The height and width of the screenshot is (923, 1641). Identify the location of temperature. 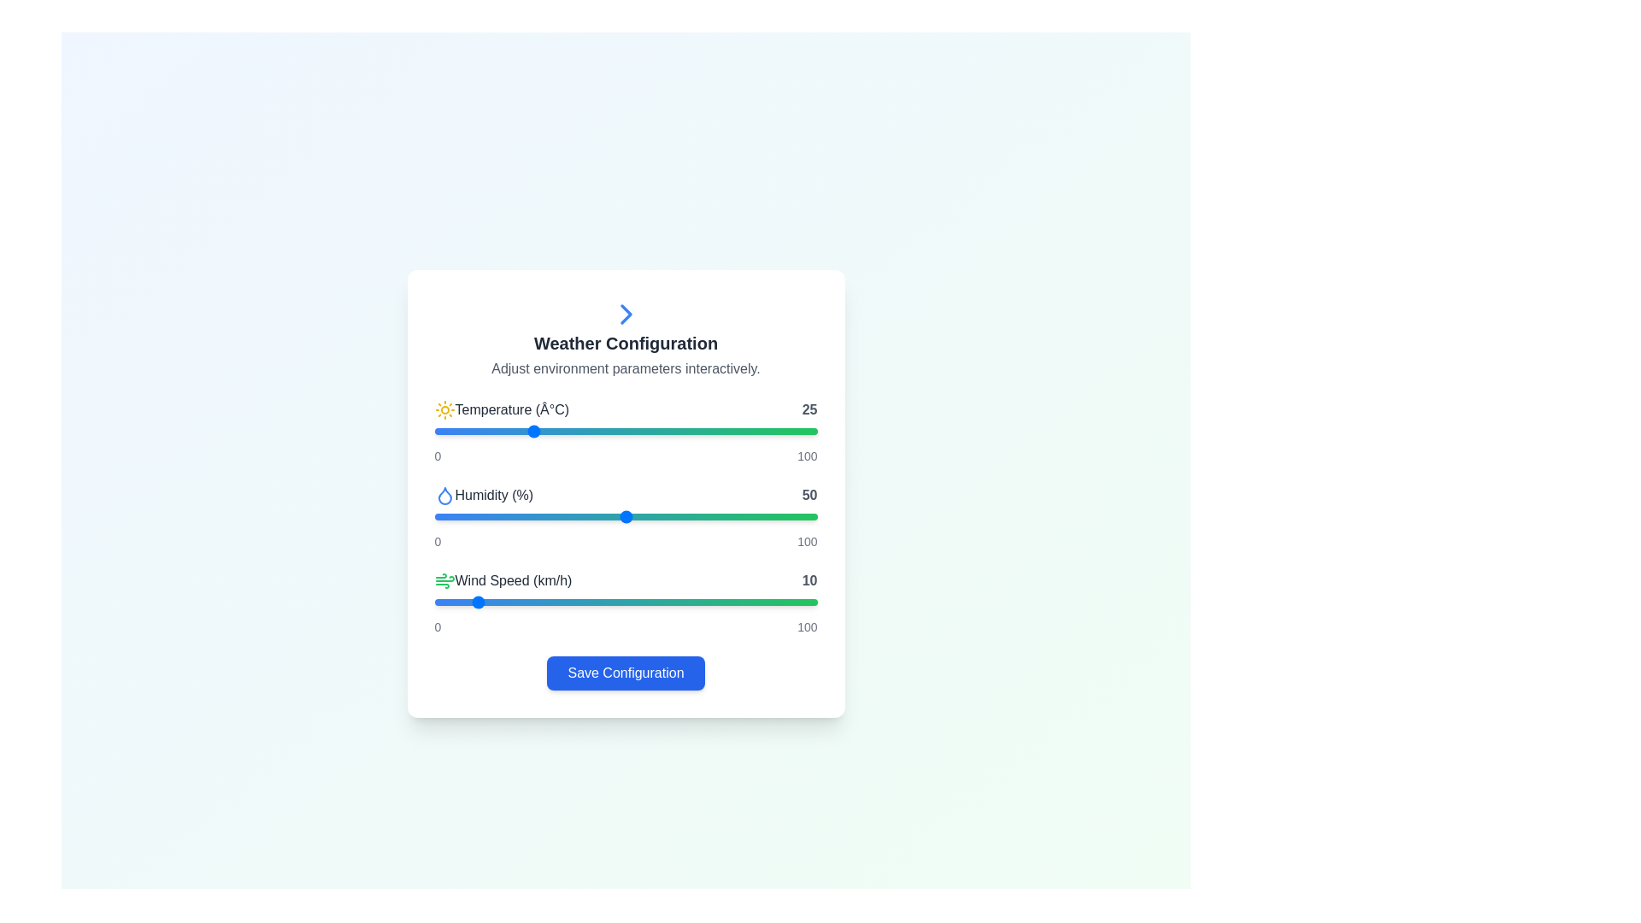
(529, 431).